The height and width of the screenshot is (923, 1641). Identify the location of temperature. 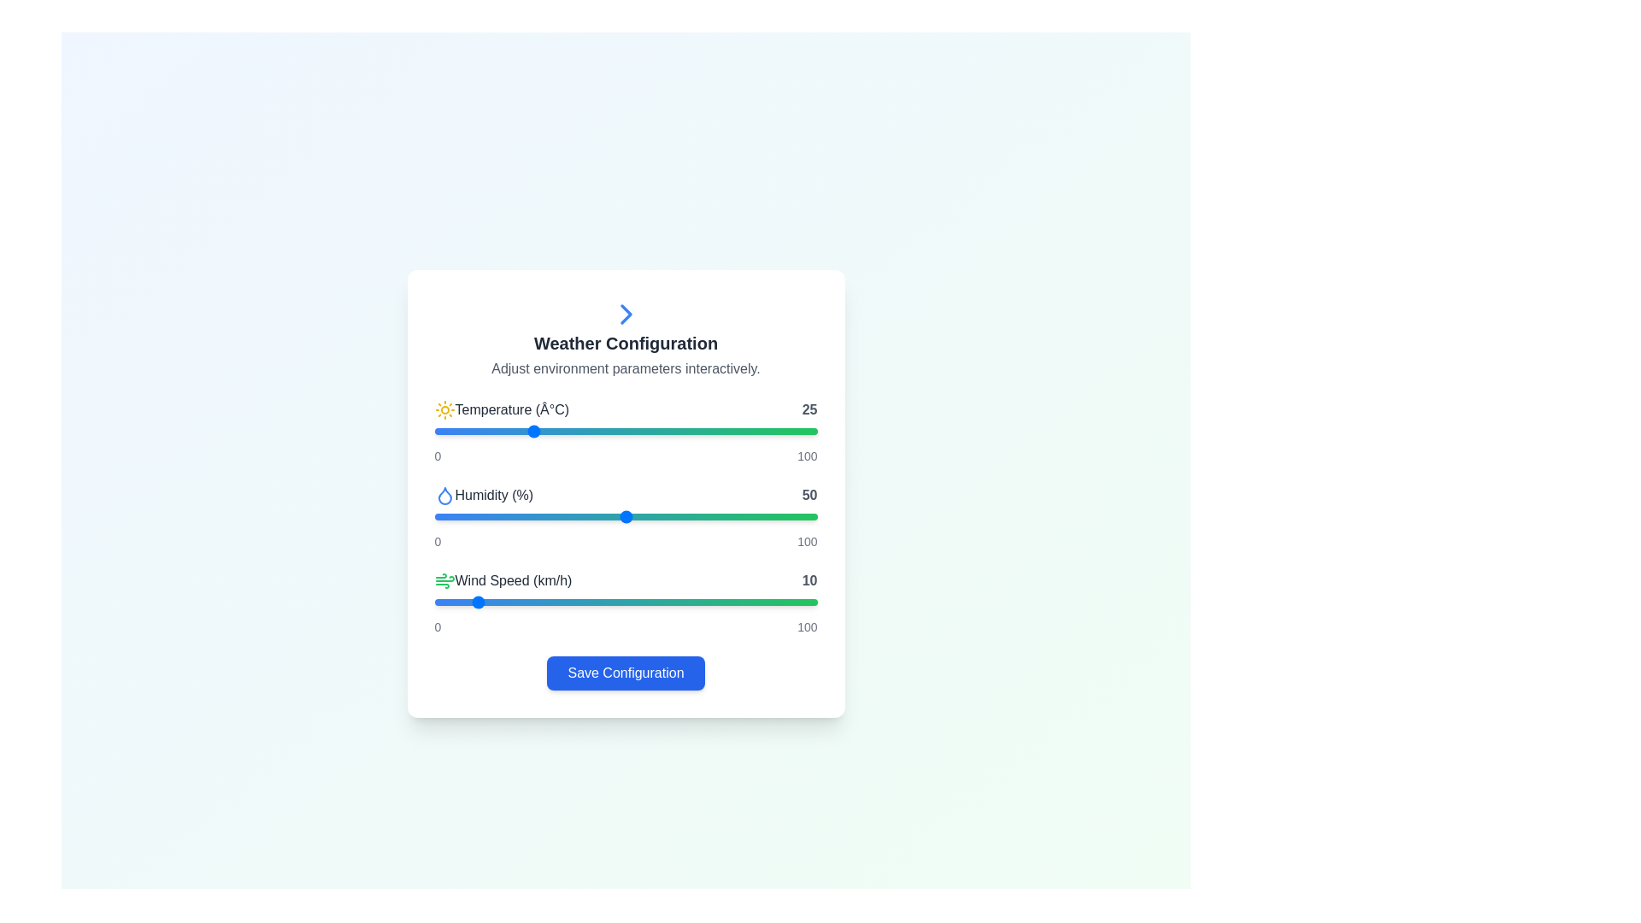
(529, 431).